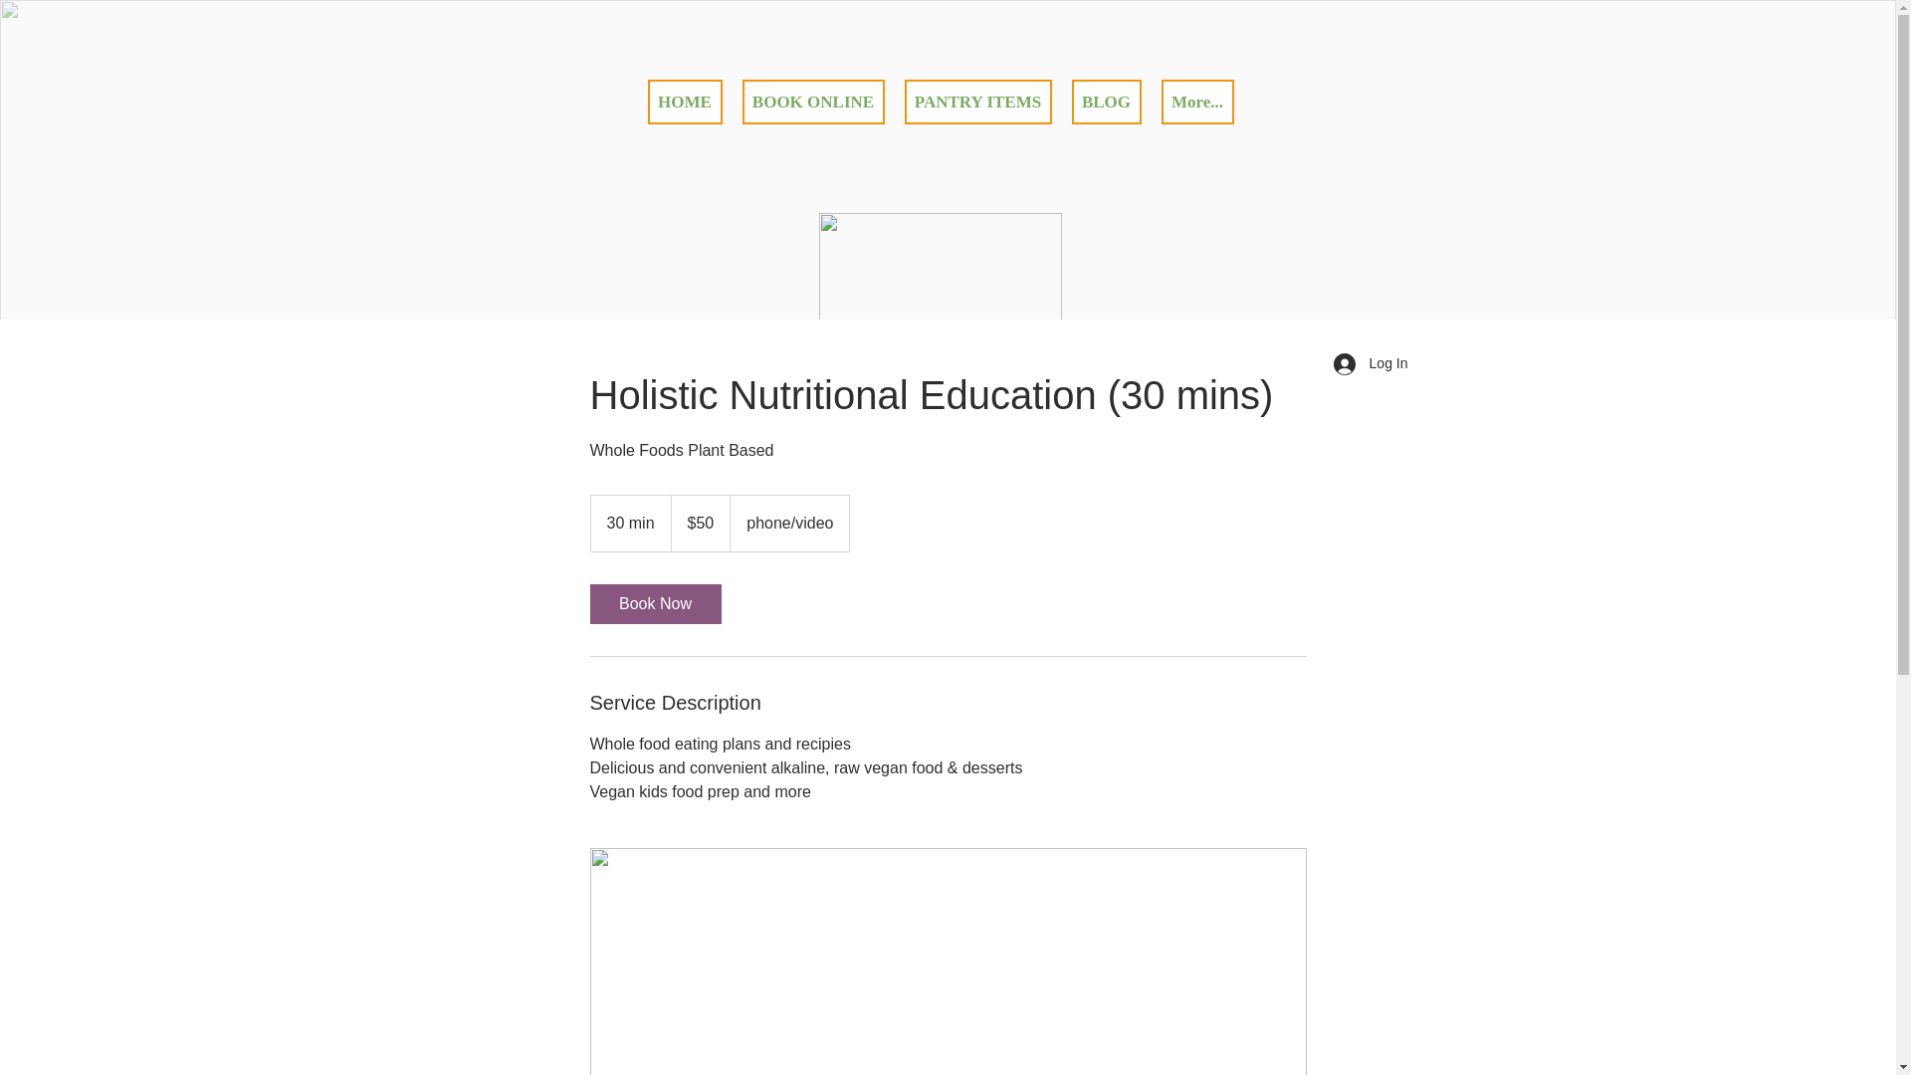 This screenshot has height=1075, width=1911. What do you see at coordinates (977, 102) in the screenshot?
I see `'PANTRY ITEMS'` at bounding box center [977, 102].